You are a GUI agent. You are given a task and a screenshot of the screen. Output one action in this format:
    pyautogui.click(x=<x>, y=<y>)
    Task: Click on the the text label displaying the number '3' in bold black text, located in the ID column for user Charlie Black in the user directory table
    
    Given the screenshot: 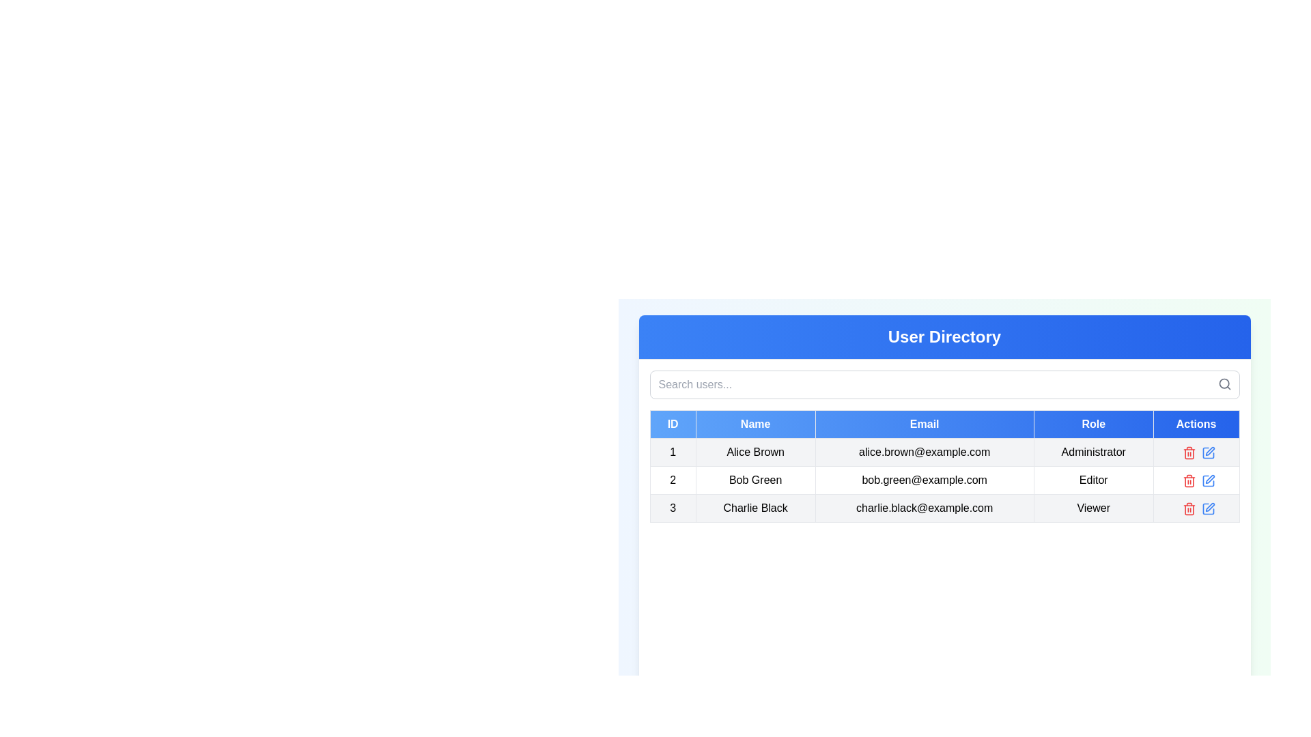 What is the action you would take?
    pyautogui.click(x=673, y=508)
    